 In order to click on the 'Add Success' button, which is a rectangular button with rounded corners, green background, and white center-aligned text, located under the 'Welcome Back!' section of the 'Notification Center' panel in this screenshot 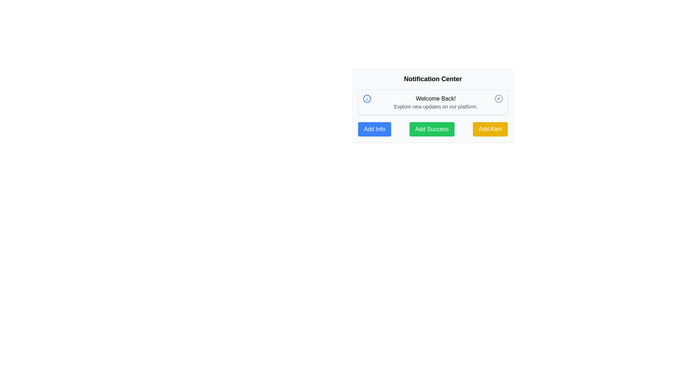, I will do `click(432, 129)`.